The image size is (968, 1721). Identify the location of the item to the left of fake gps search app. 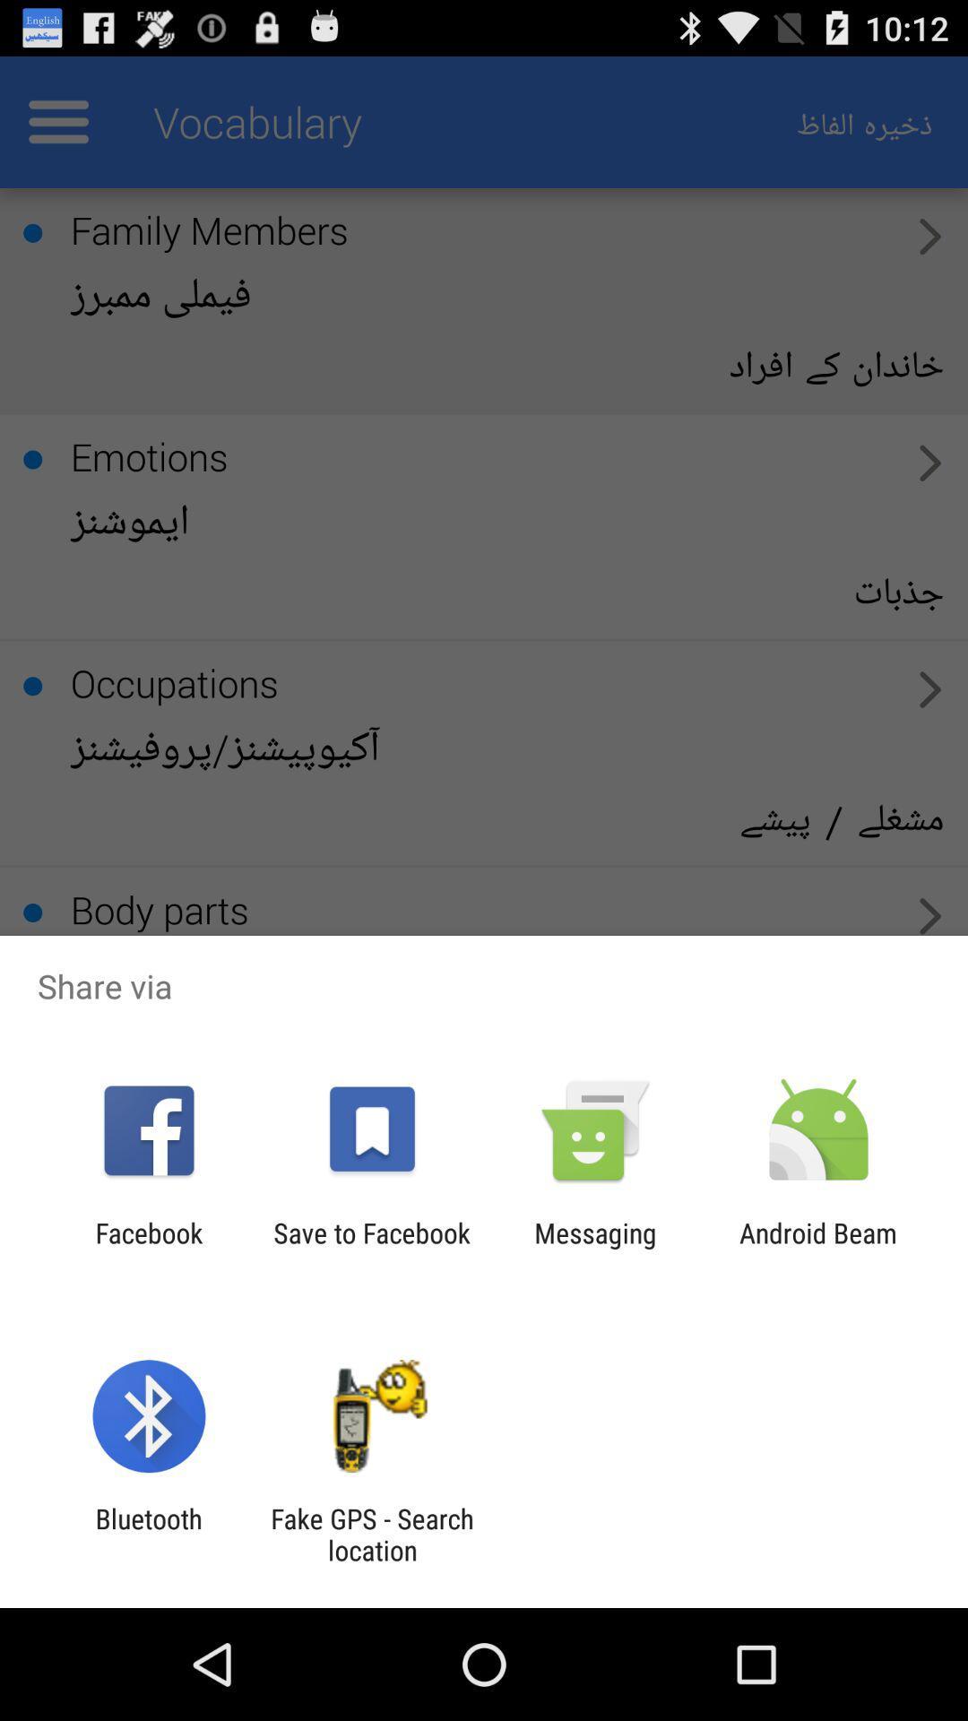
(148, 1534).